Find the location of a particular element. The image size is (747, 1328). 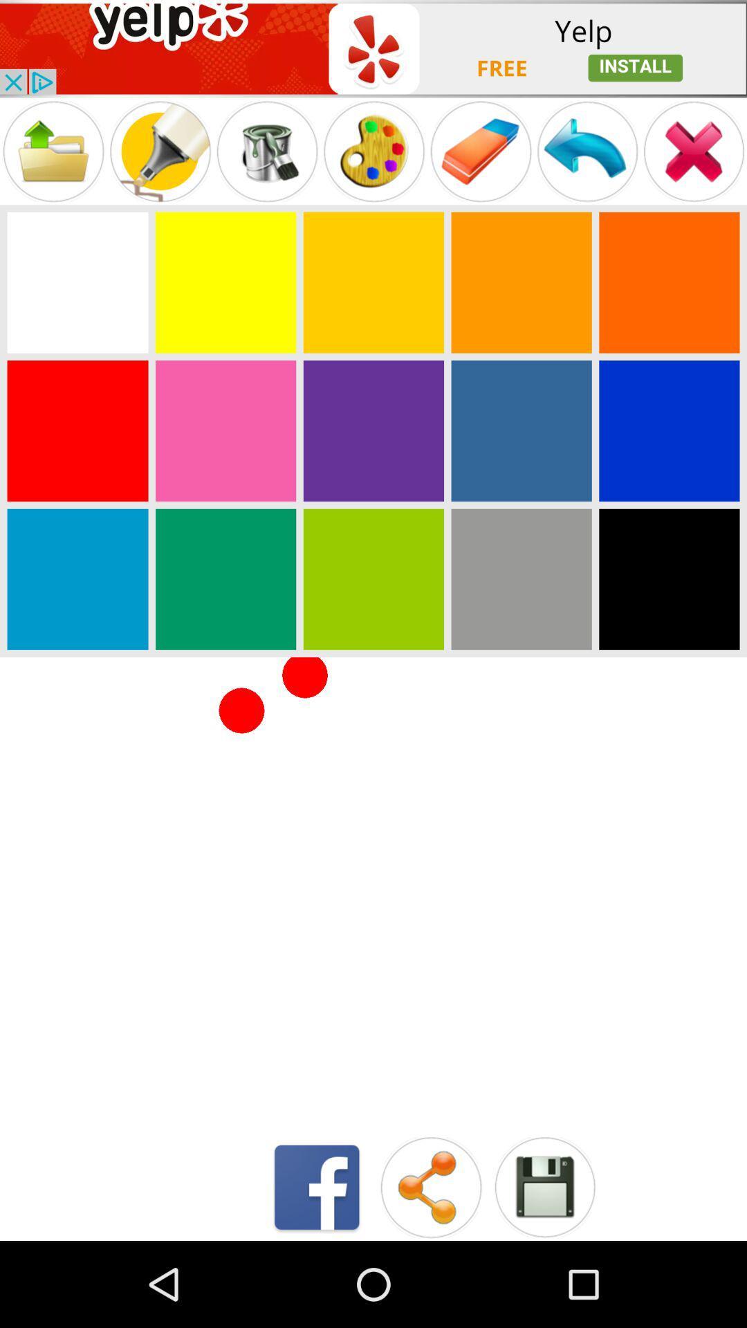

picks color is located at coordinates (225, 282).